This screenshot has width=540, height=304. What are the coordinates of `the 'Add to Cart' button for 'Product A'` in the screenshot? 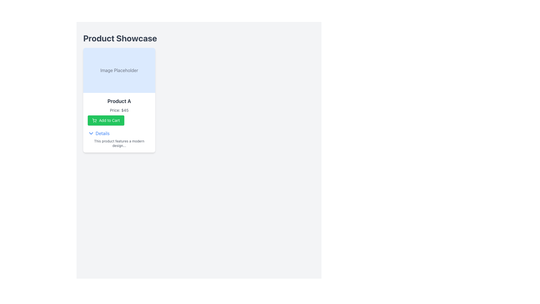 It's located at (106, 120).